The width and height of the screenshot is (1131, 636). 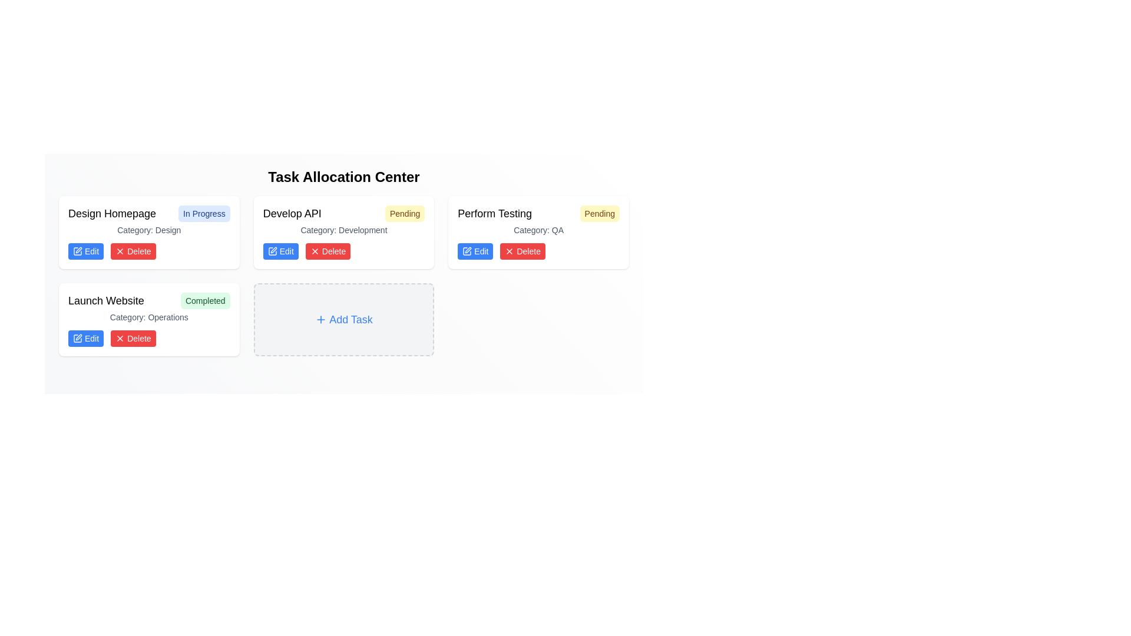 What do you see at coordinates (133, 251) in the screenshot?
I see `the 'Delete' button with a vibrant red background and 'X' icon` at bounding box center [133, 251].